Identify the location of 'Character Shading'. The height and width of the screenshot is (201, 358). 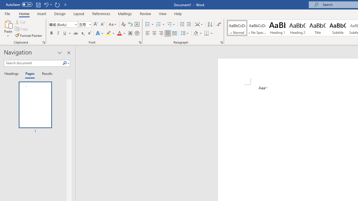
(130, 33).